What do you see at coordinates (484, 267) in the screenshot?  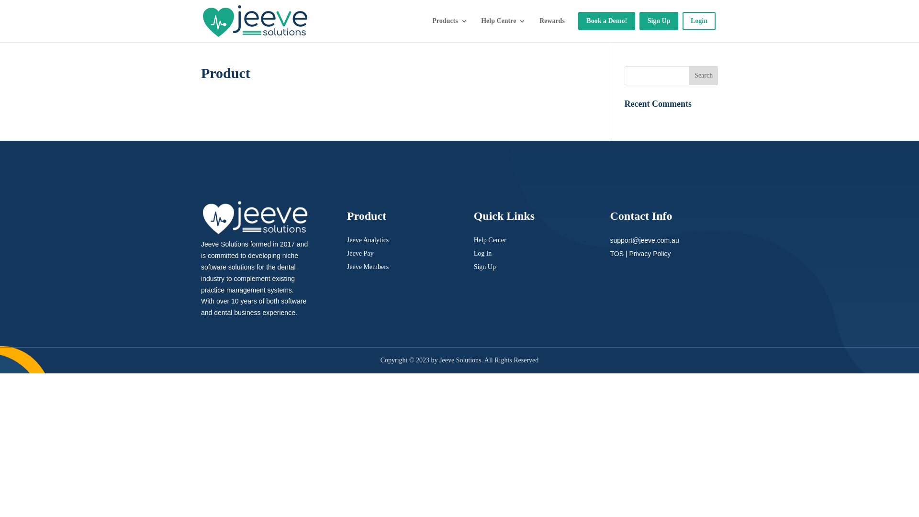 I see `'Sign Up'` at bounding box center [484, 267].